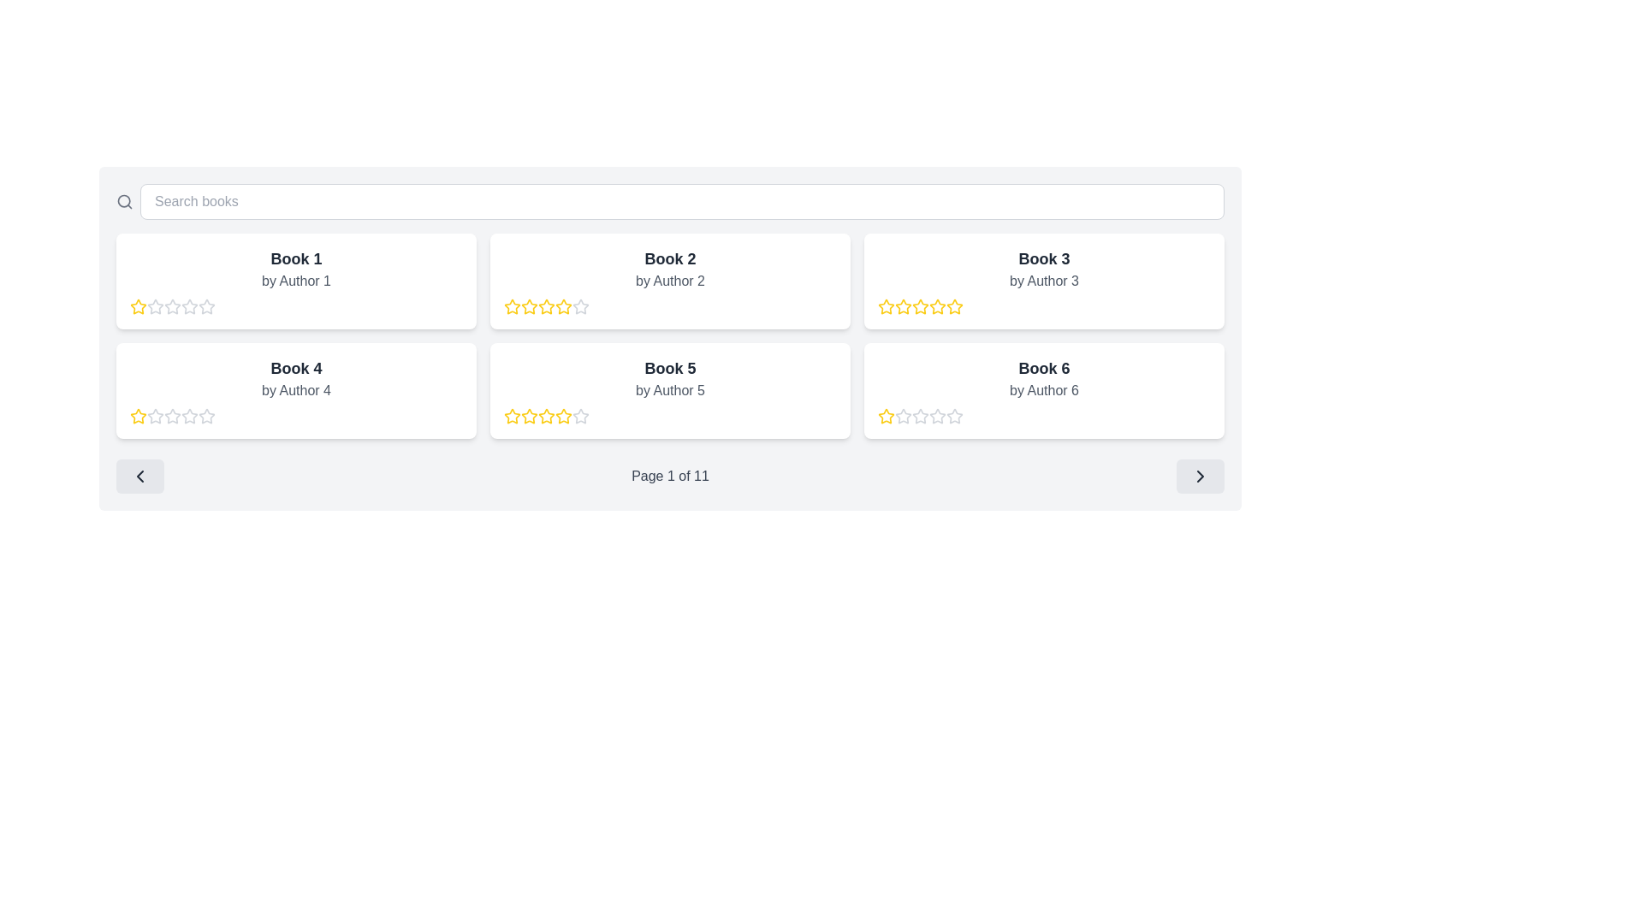  Describe the element at coordinates (579, 416) in the screenshot. I see `the fifth star` at that location.